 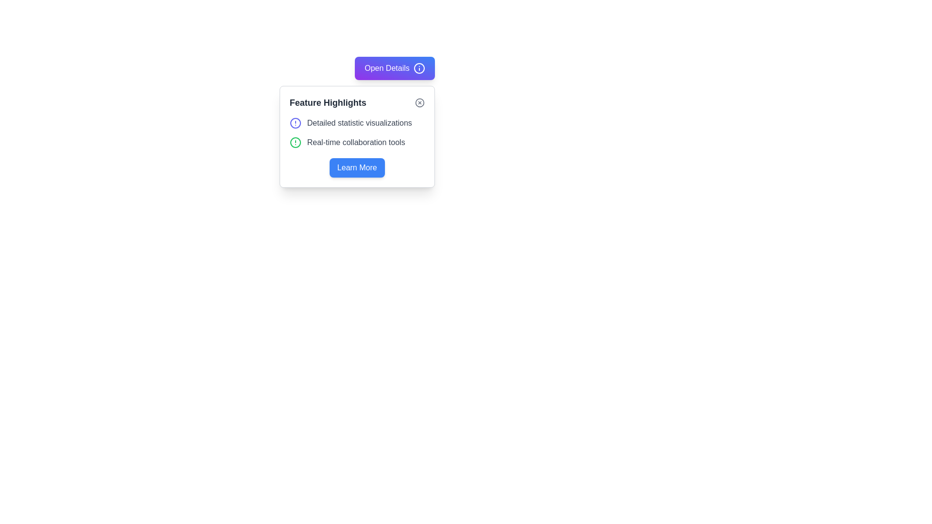 What do you see at coordinates (355, 142) in the screenshot?
I see `the text label displaying 'Real-time collaboration tools'` at bounding box center [355, 142].